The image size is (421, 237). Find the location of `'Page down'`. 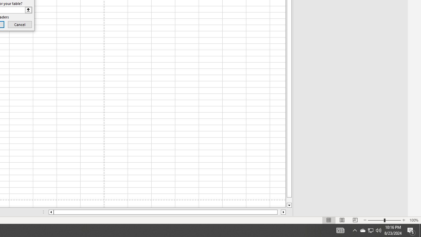

'Page down' is located at coordinates (289, 200).